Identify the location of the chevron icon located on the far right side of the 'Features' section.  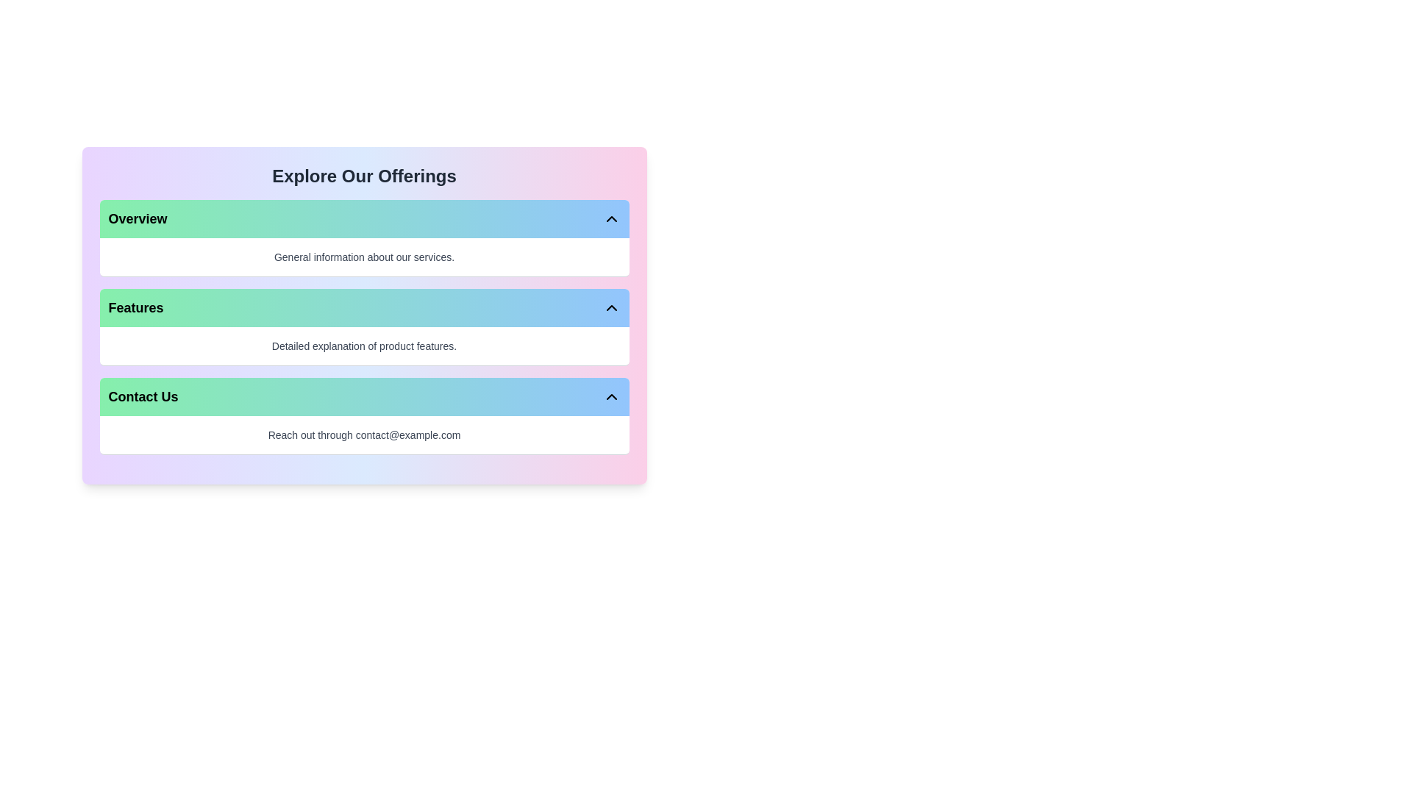
(611, 307).